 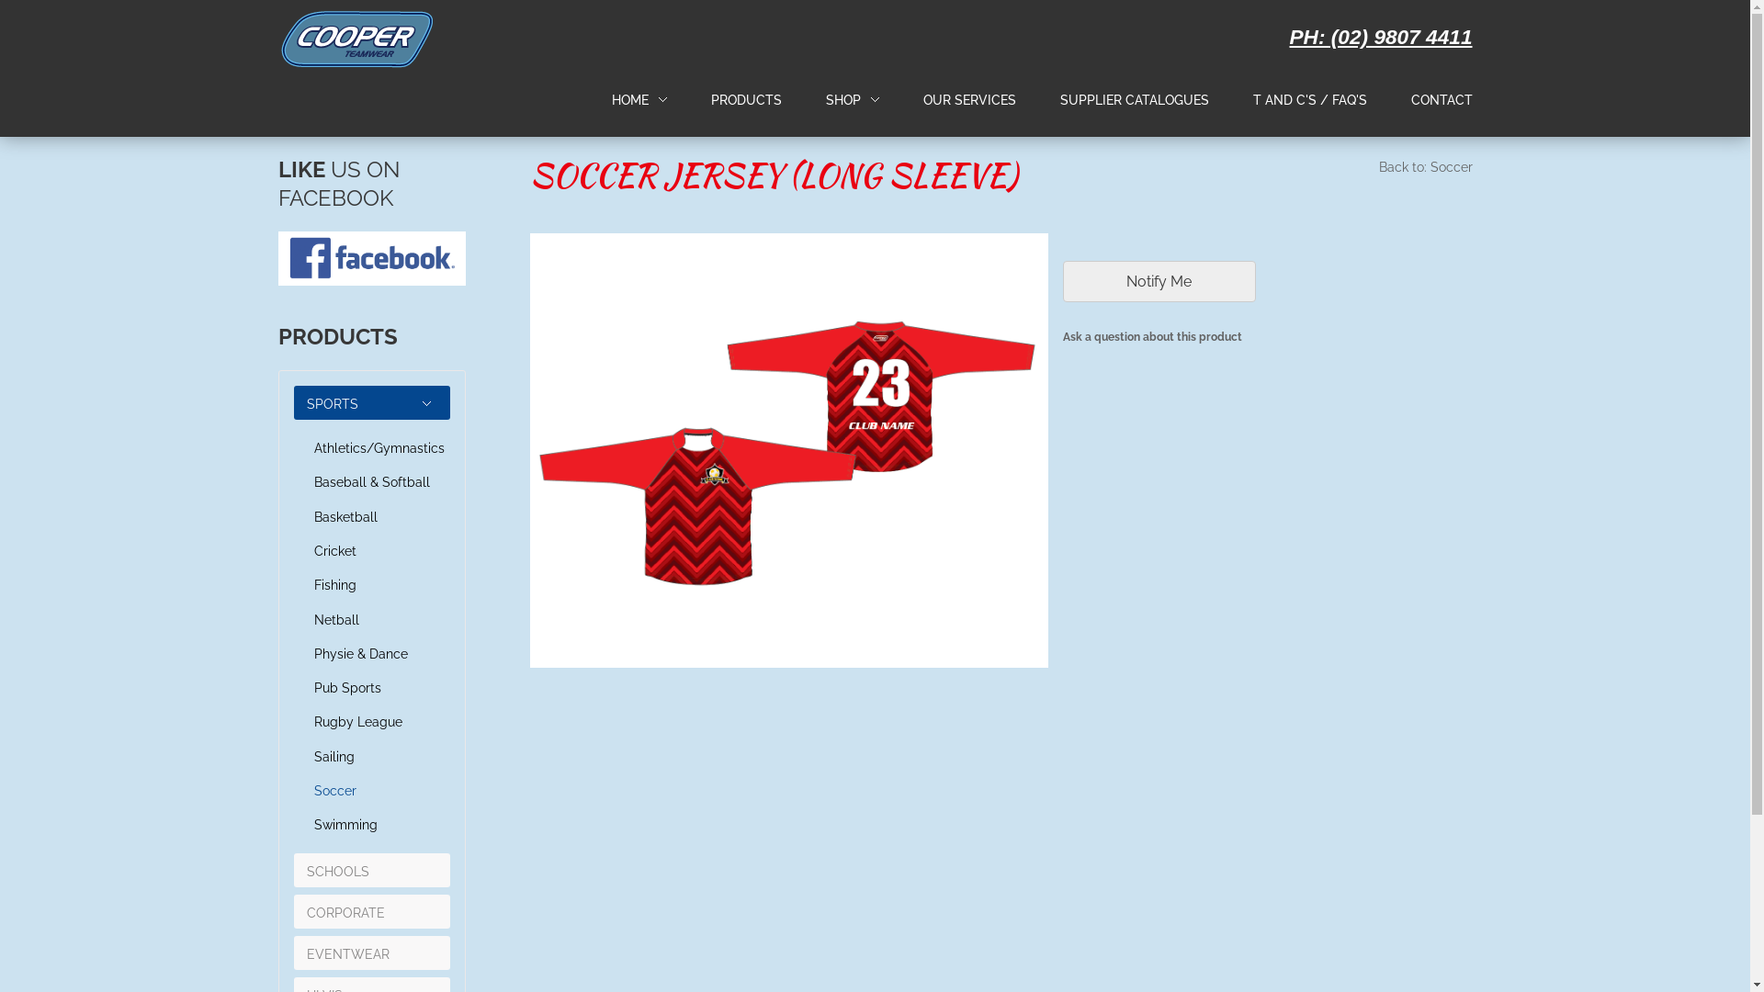 I want to click on 'Soccer', so click(x=370, y=790).